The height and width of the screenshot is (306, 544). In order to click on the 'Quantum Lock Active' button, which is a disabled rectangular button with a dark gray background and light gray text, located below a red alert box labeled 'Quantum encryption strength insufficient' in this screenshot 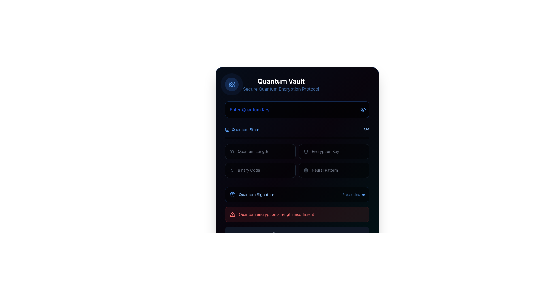, I will do `click(297, 235)`.